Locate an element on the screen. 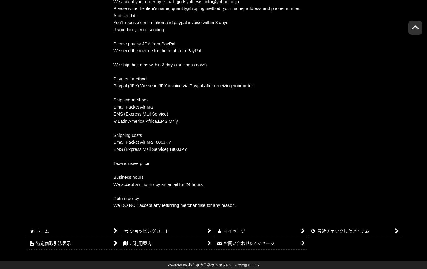  'You'll receive confirmation and paypal invoice within 3 days.' is located at coordinates (171, 22).